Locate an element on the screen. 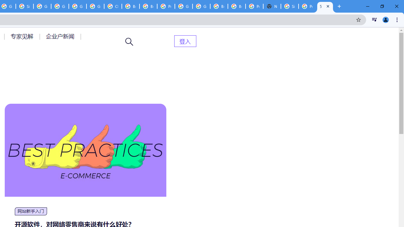  'Sign in - Google Accounts' is located at coordinates (289, 6).